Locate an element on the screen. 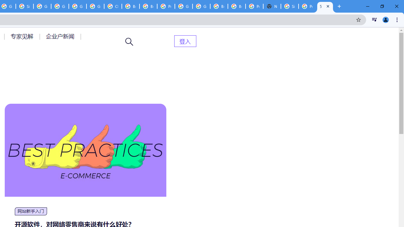  'Sign in - Google Accounts' is located at coordinates (289, 6).